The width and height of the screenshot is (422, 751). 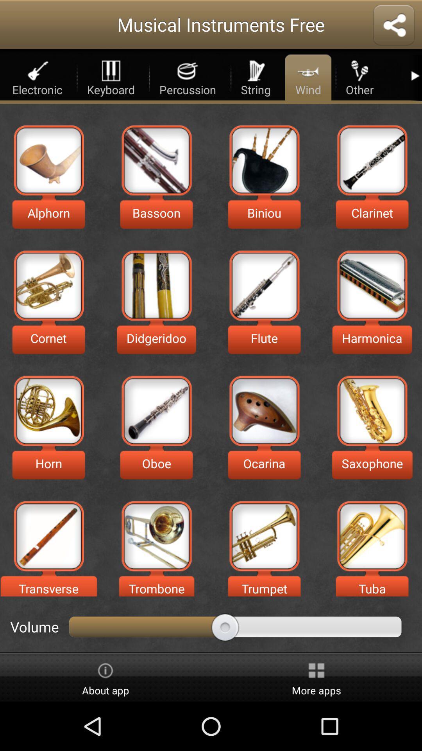 What do you see at coordinates (264, 160) in the screenshot?
I see `sound of a biniou` at bounding box center [264, 160].